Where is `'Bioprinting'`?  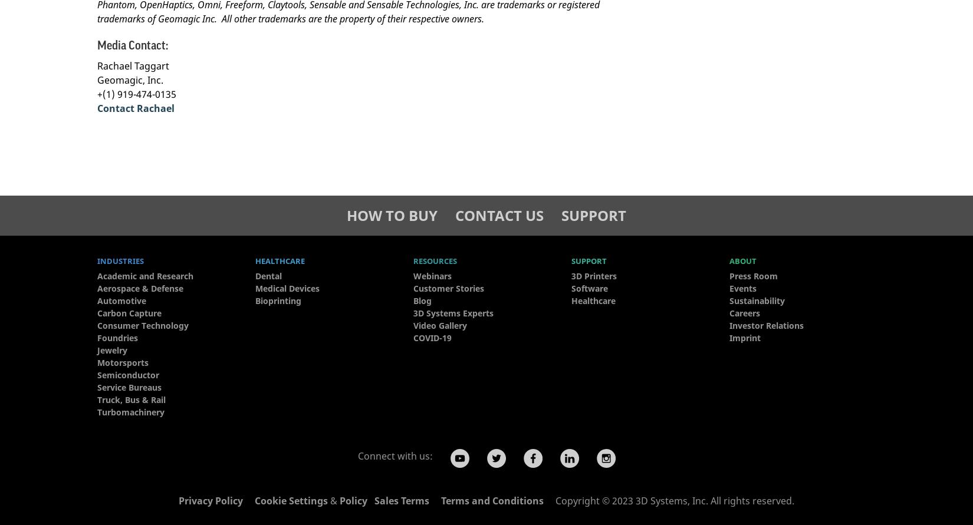 'Bioprinting' is located at coordinates (278, 299).